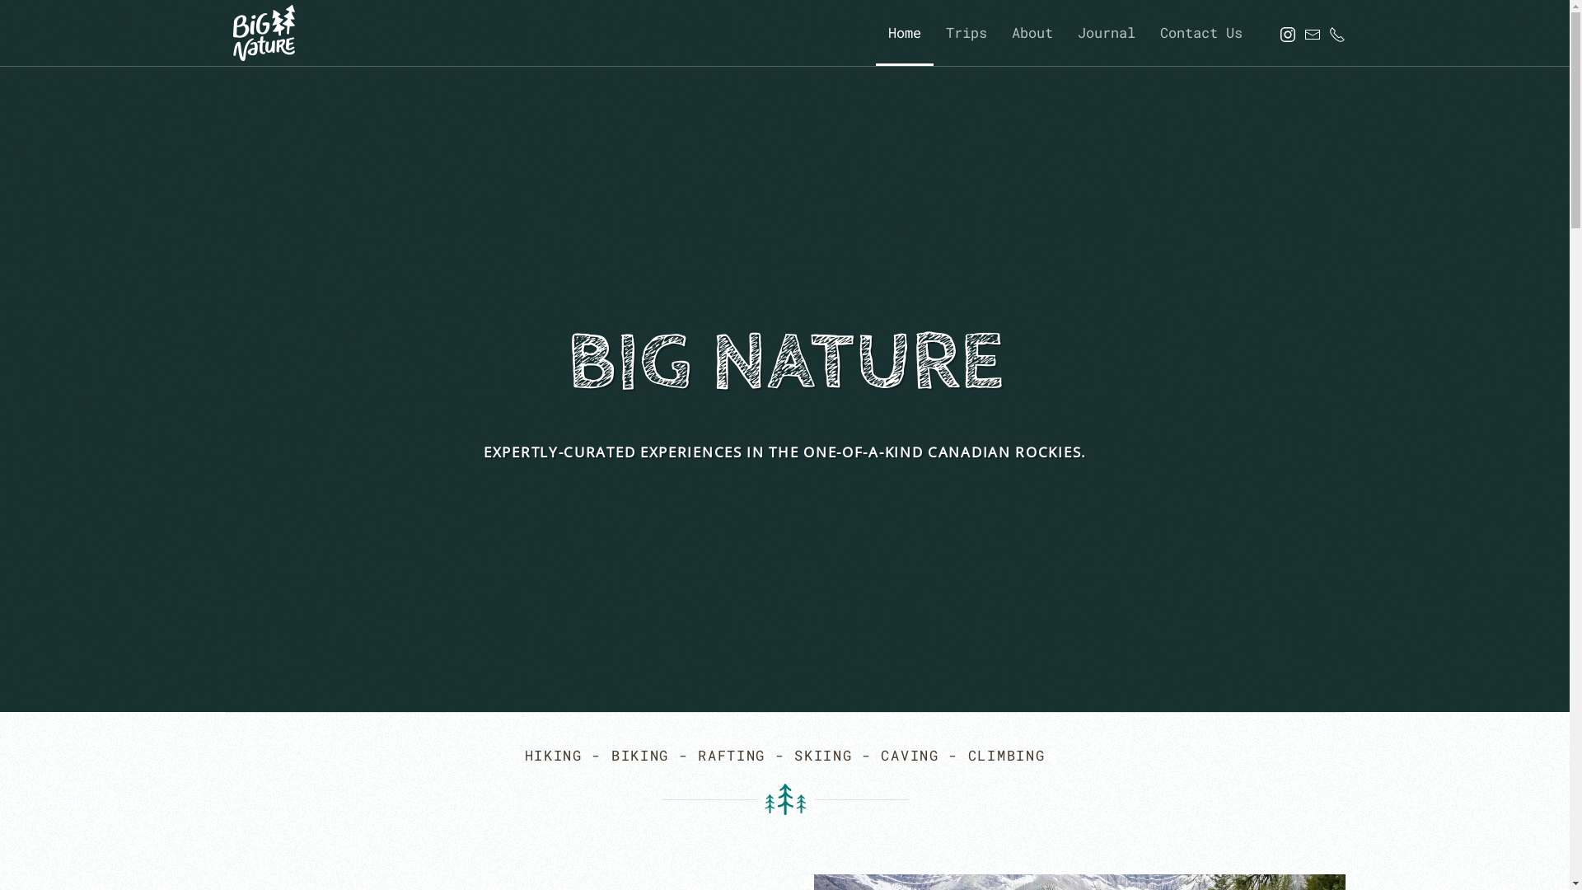  What do you see at coordinates (1106, 32) in the screenshot?
I see `'Journal'` at bounding box center [1106, 32].